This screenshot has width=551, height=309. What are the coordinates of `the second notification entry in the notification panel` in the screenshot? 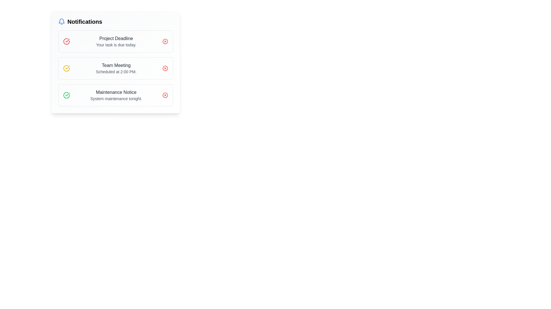 It's located at (115, 68).